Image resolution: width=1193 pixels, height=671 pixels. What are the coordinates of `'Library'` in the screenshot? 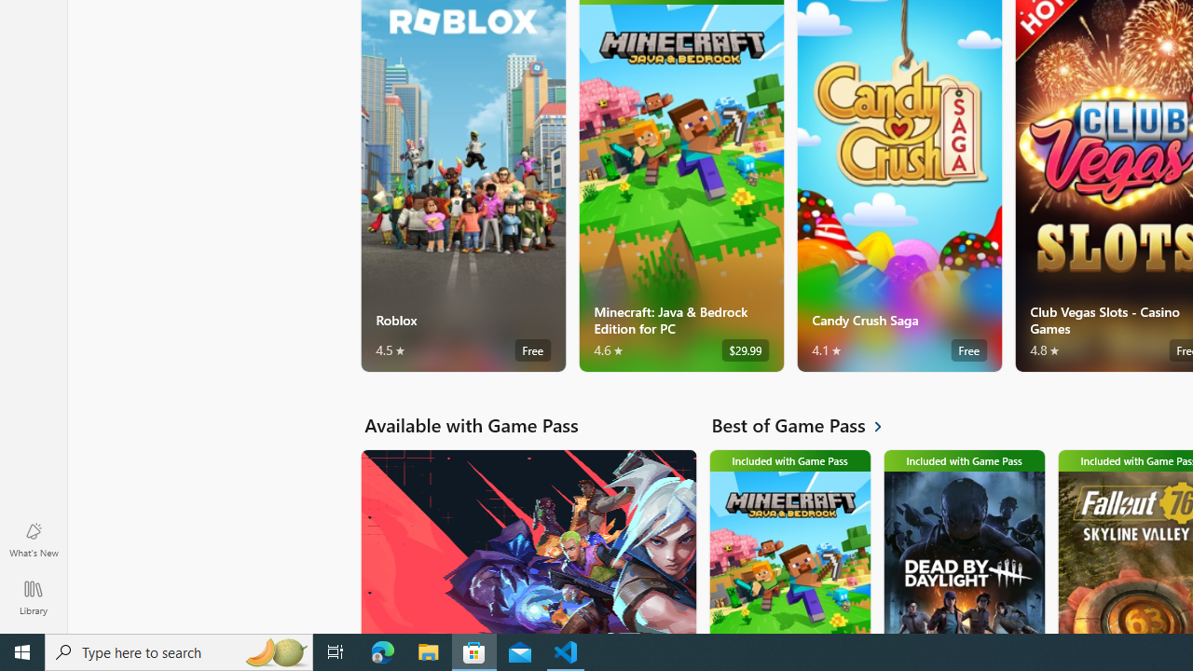 It's located at (33, 596).